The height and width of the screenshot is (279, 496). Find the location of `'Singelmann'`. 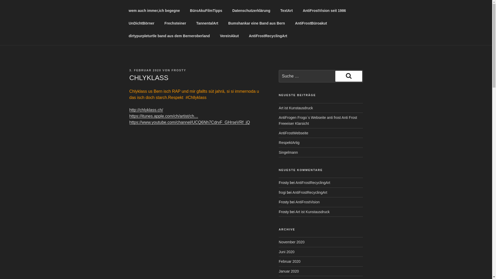

'Singelmann' is located at coordinates (288, 152).